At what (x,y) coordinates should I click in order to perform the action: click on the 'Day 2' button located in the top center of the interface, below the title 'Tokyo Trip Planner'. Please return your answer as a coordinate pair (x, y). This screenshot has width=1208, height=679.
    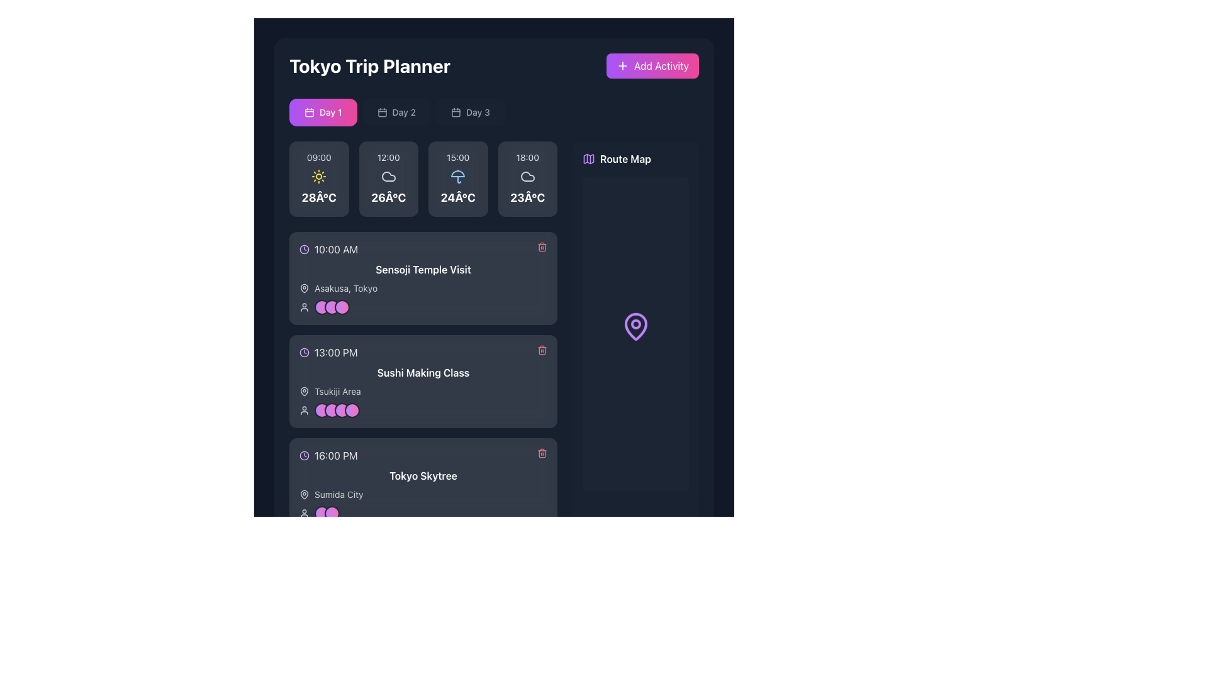
    Looking at the image, I should click on (396, 111).